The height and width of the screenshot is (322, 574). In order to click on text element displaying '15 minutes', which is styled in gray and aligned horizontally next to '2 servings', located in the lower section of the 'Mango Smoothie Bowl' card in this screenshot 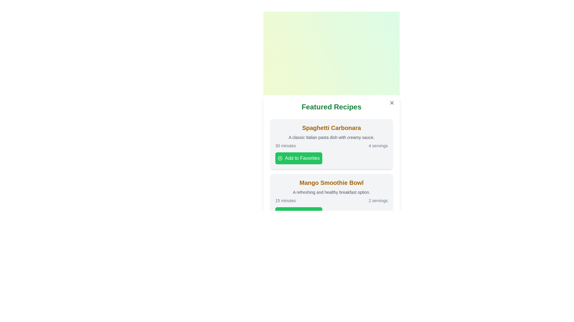, I will do `click(285, 200)`.